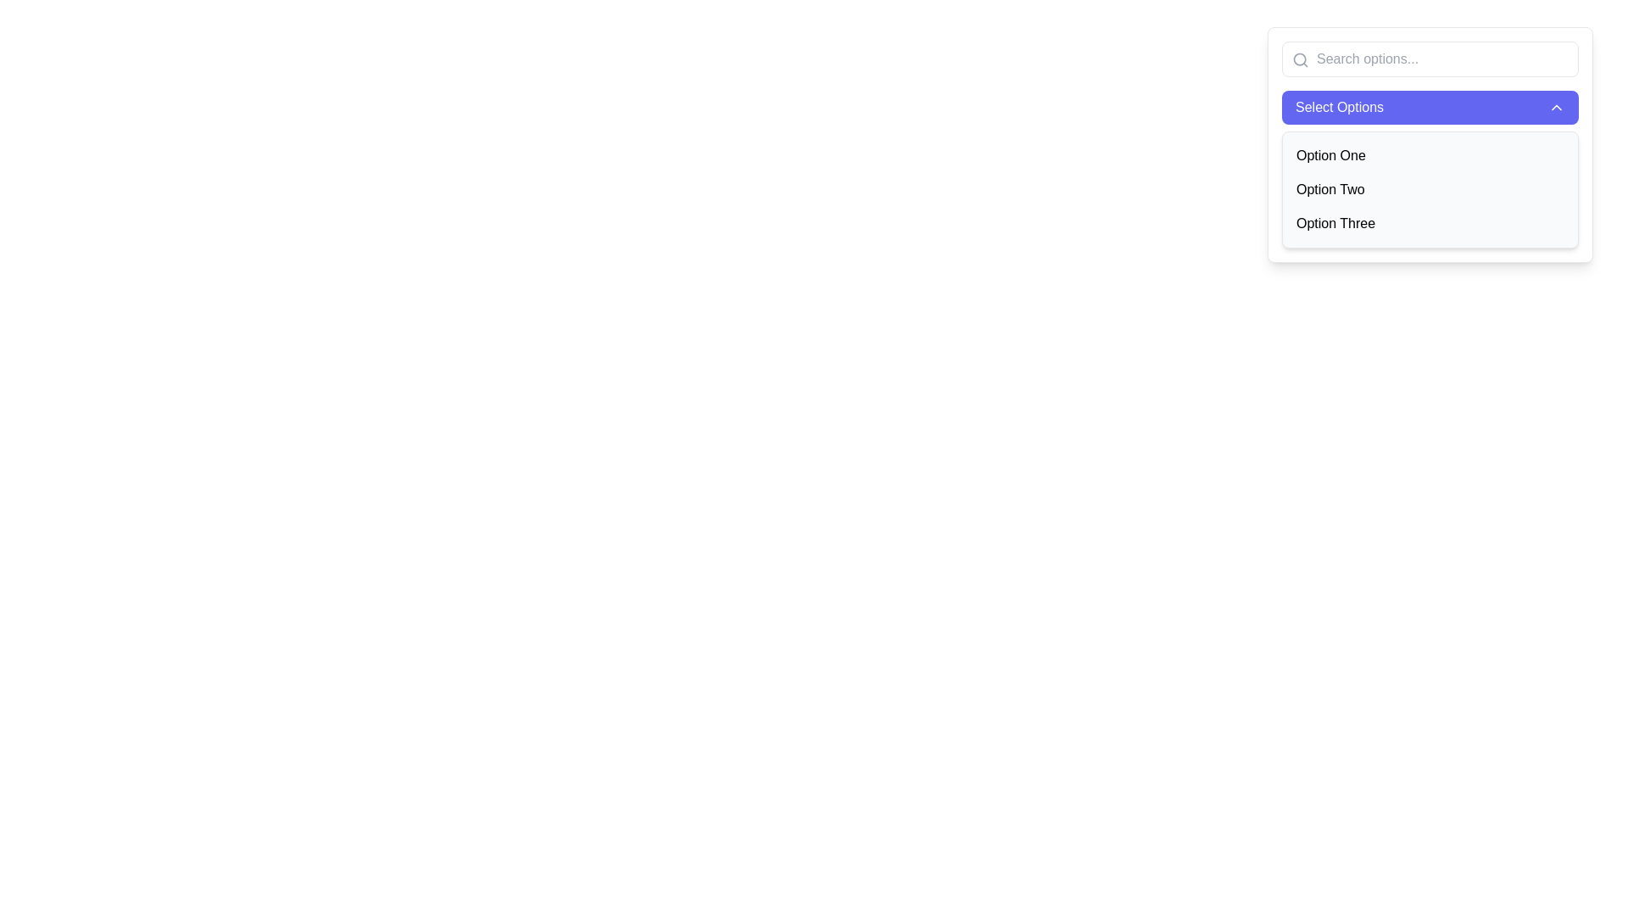 This screenshot has height=916, width=1628. I want to click on the dropdown menu located under the title 'Select Options', so click(1429, 143).